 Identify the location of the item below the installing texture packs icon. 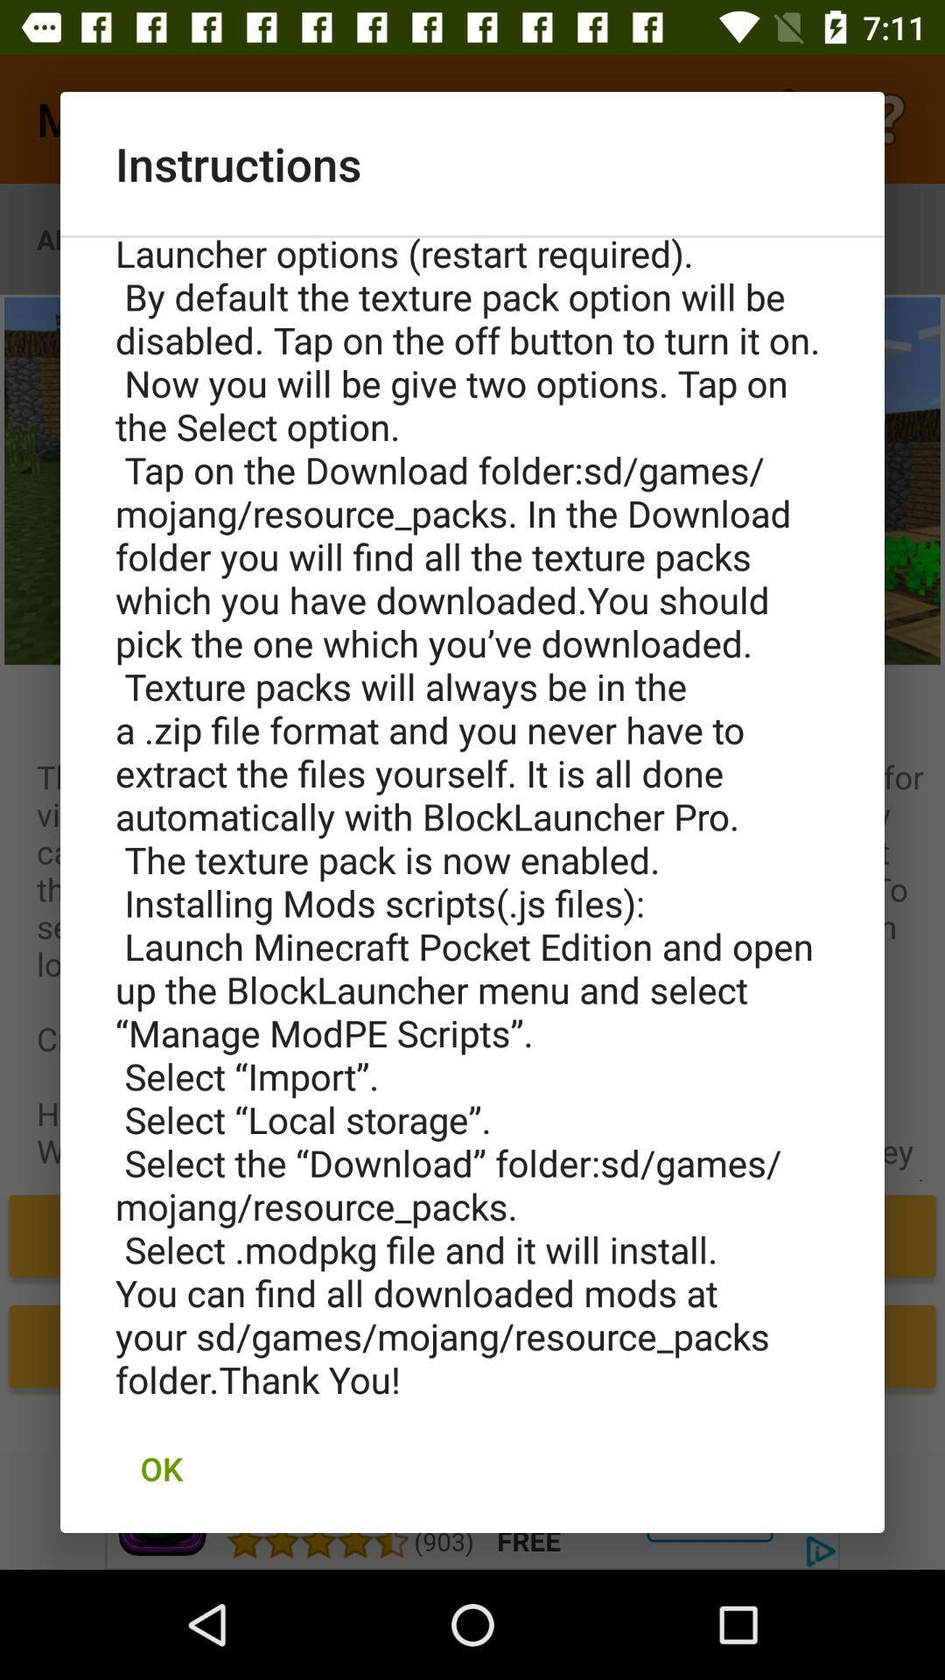
(161, 1468).